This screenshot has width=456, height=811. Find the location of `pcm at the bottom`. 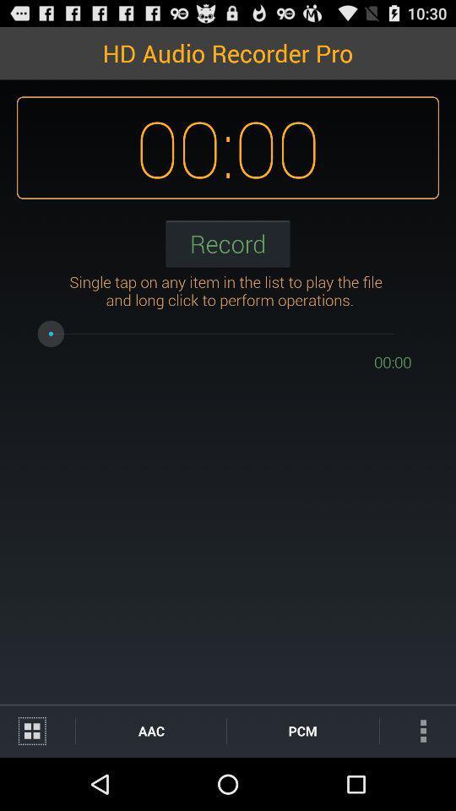

pcm at the bottom is located at coordinates (301, 730).